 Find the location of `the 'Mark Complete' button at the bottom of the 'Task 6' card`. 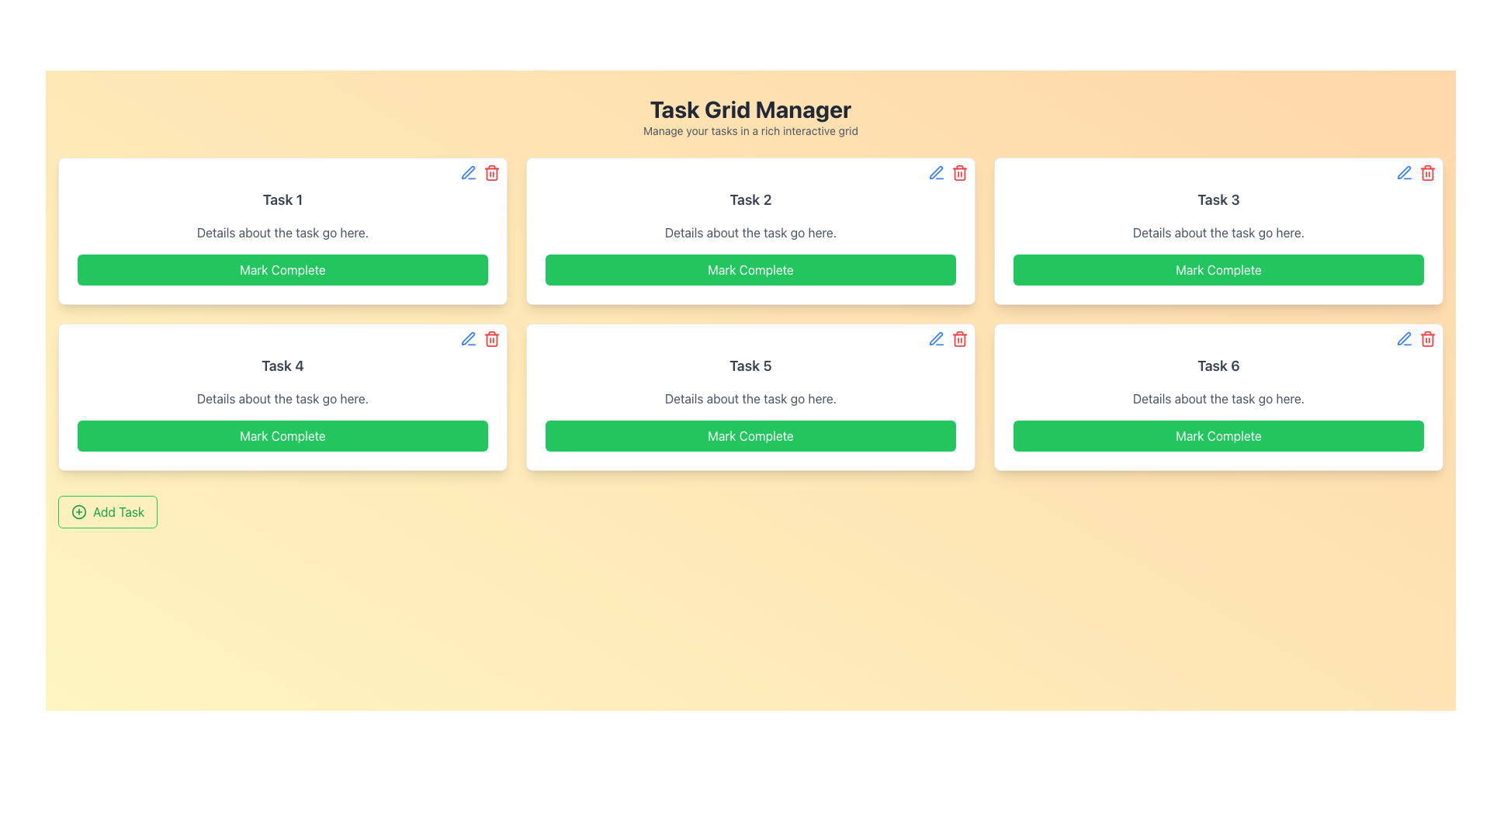

the 'Mark Complete' button at the bottom of the 'Task 6' card is located at coordinates (1218, 436).